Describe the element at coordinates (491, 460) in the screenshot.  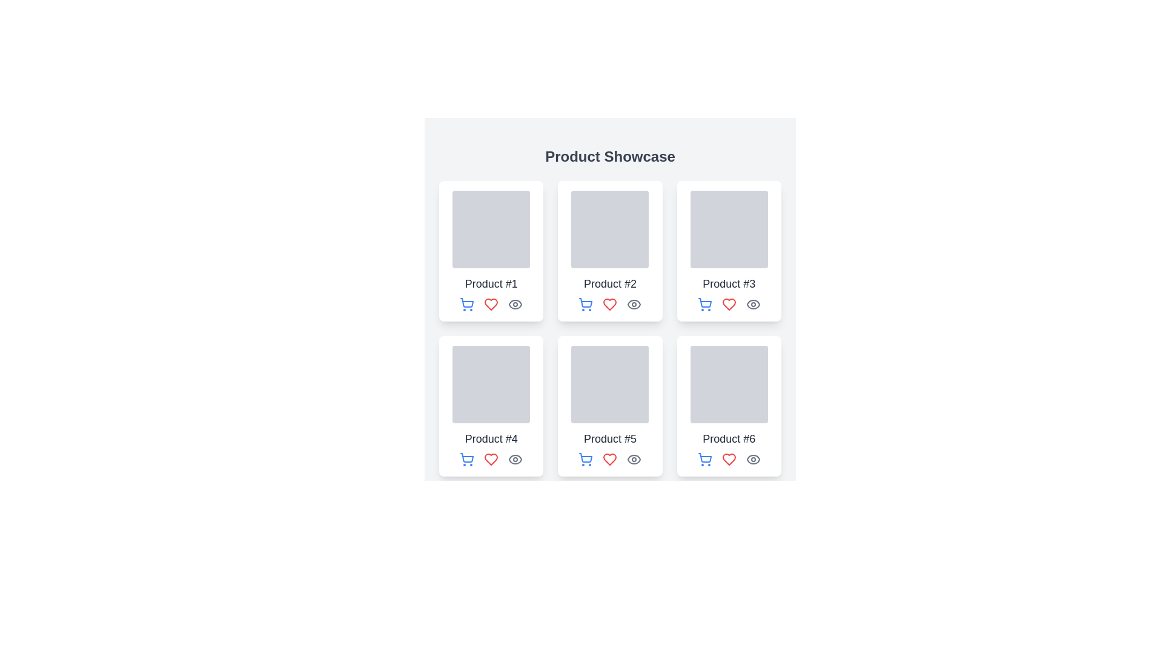
I see `the heart-shaped favorite button outlined in red located under 'Product #4' to favorite or un-favorite the product` at that location.